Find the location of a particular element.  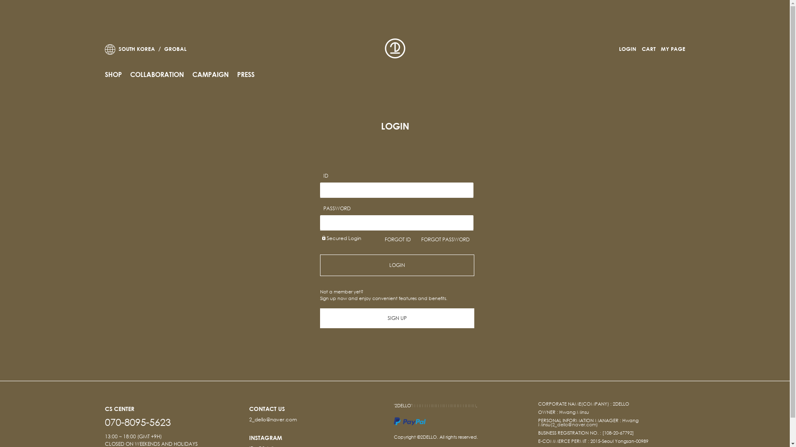

'PRESS' is located at coordinates (245, 74).